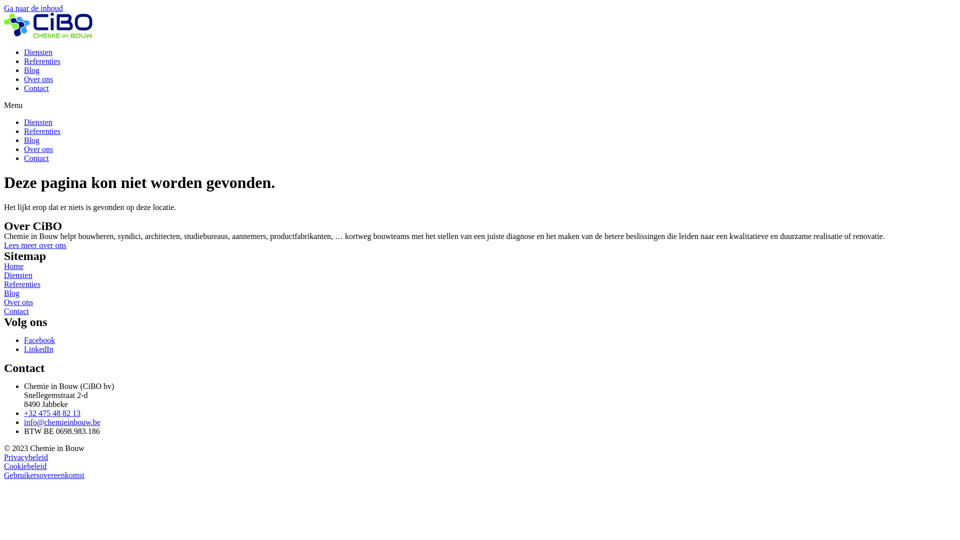 This screenshot has height=540, width=960. Describe the element at coordinates (43, 474) in the screenshot. I see `'Gebruikersovereenkomst'` at that location.